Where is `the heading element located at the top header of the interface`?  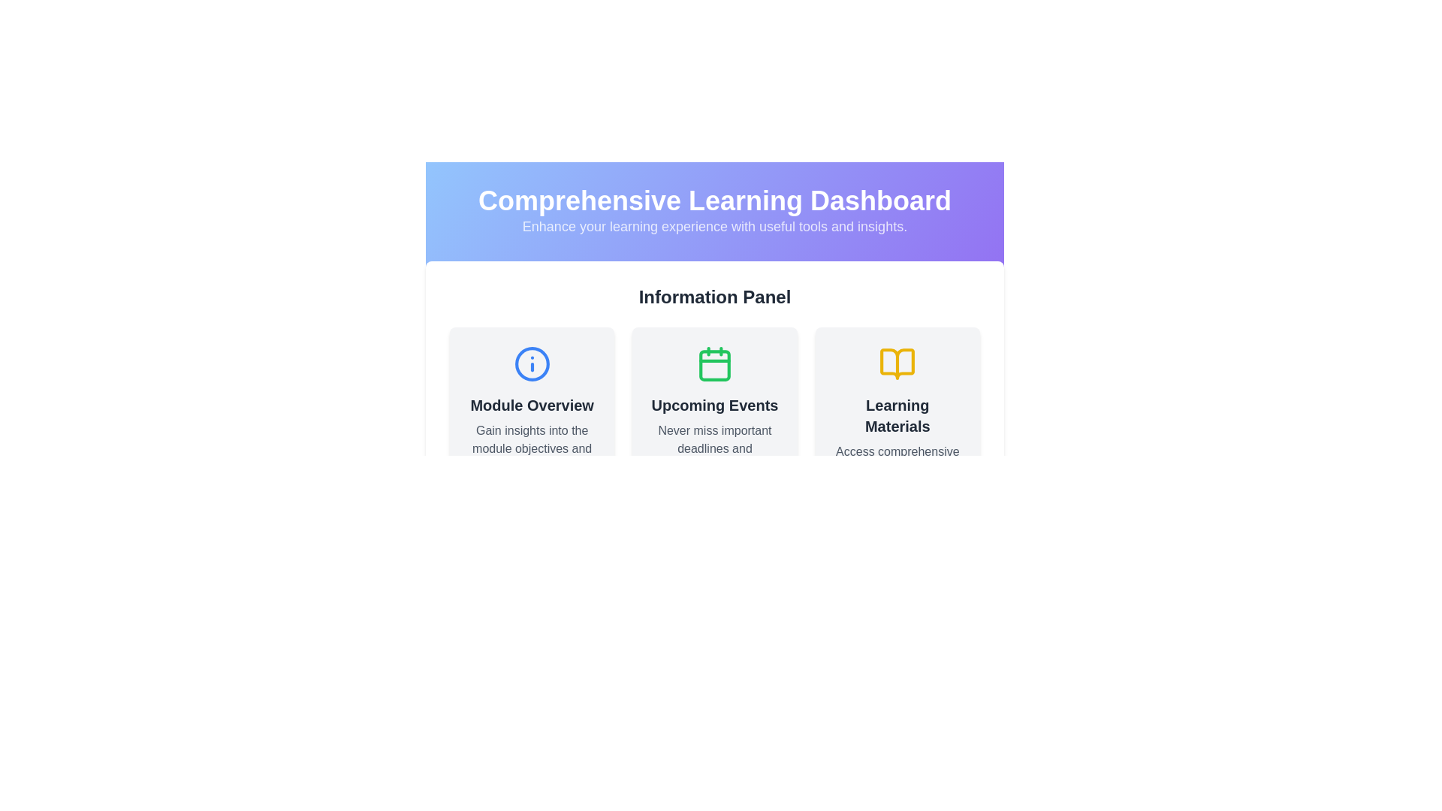 the heading element located at the top header of the interface is located at coordinates (713, 200).